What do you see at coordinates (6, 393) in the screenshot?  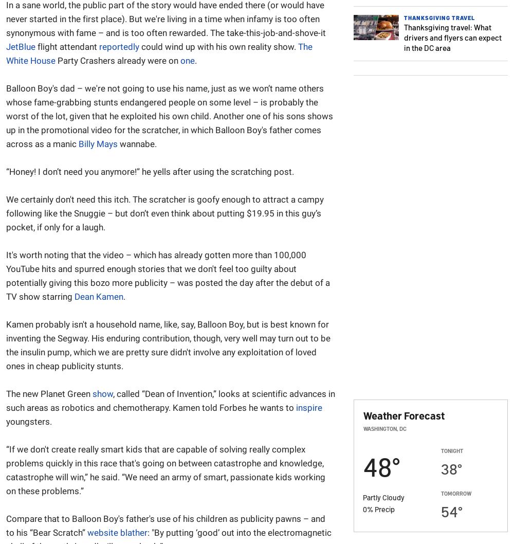 I see `'The new Planet Green'` at bounding box center [6, 393].